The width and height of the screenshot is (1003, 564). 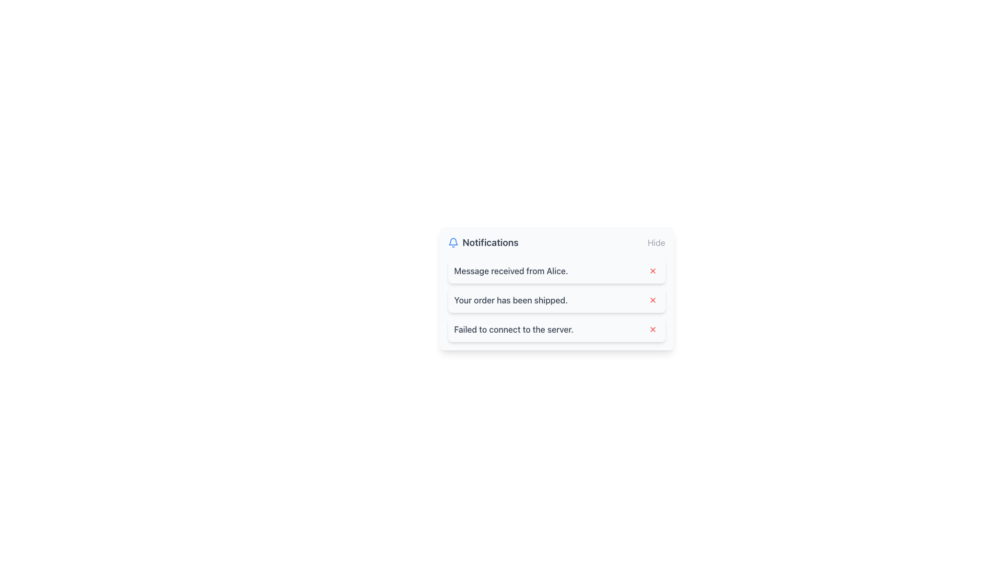 I want to click on the bell icon with a blue outline located to the left of the 'Notifications' heading in the notification panel, so click(x=453, y=243).